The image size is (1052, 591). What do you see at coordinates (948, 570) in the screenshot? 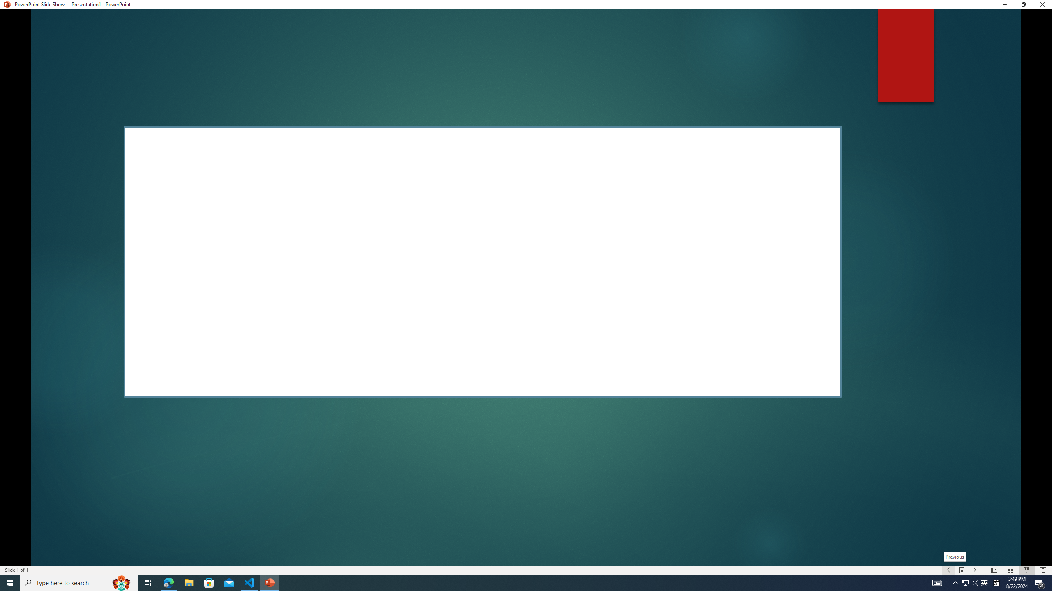
I see `'Slide Show Previous On'` at bounding box center [948, 570].